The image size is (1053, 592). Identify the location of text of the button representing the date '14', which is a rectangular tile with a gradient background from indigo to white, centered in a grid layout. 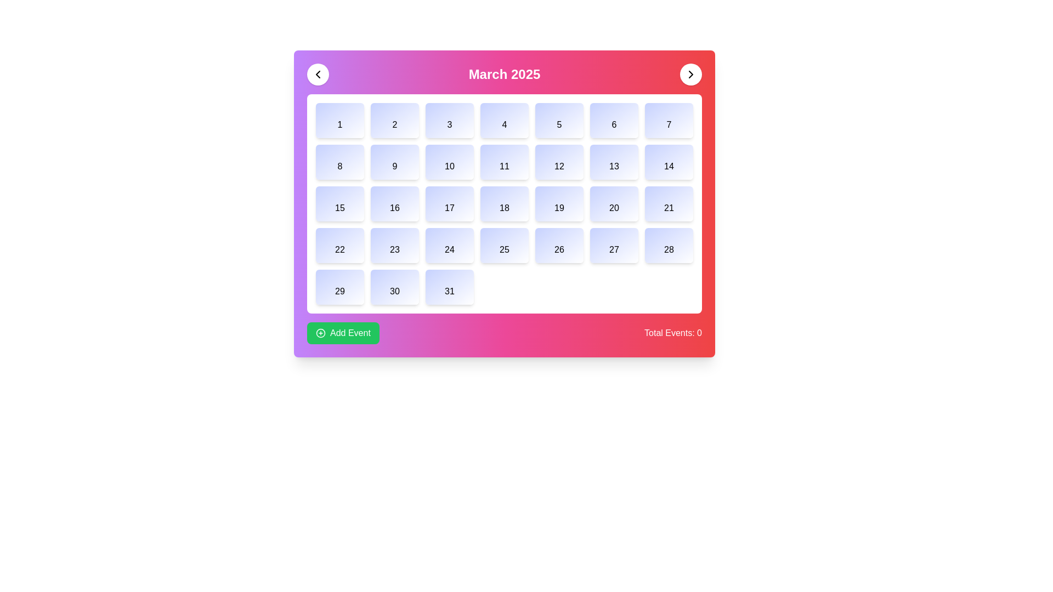
(668, 162).